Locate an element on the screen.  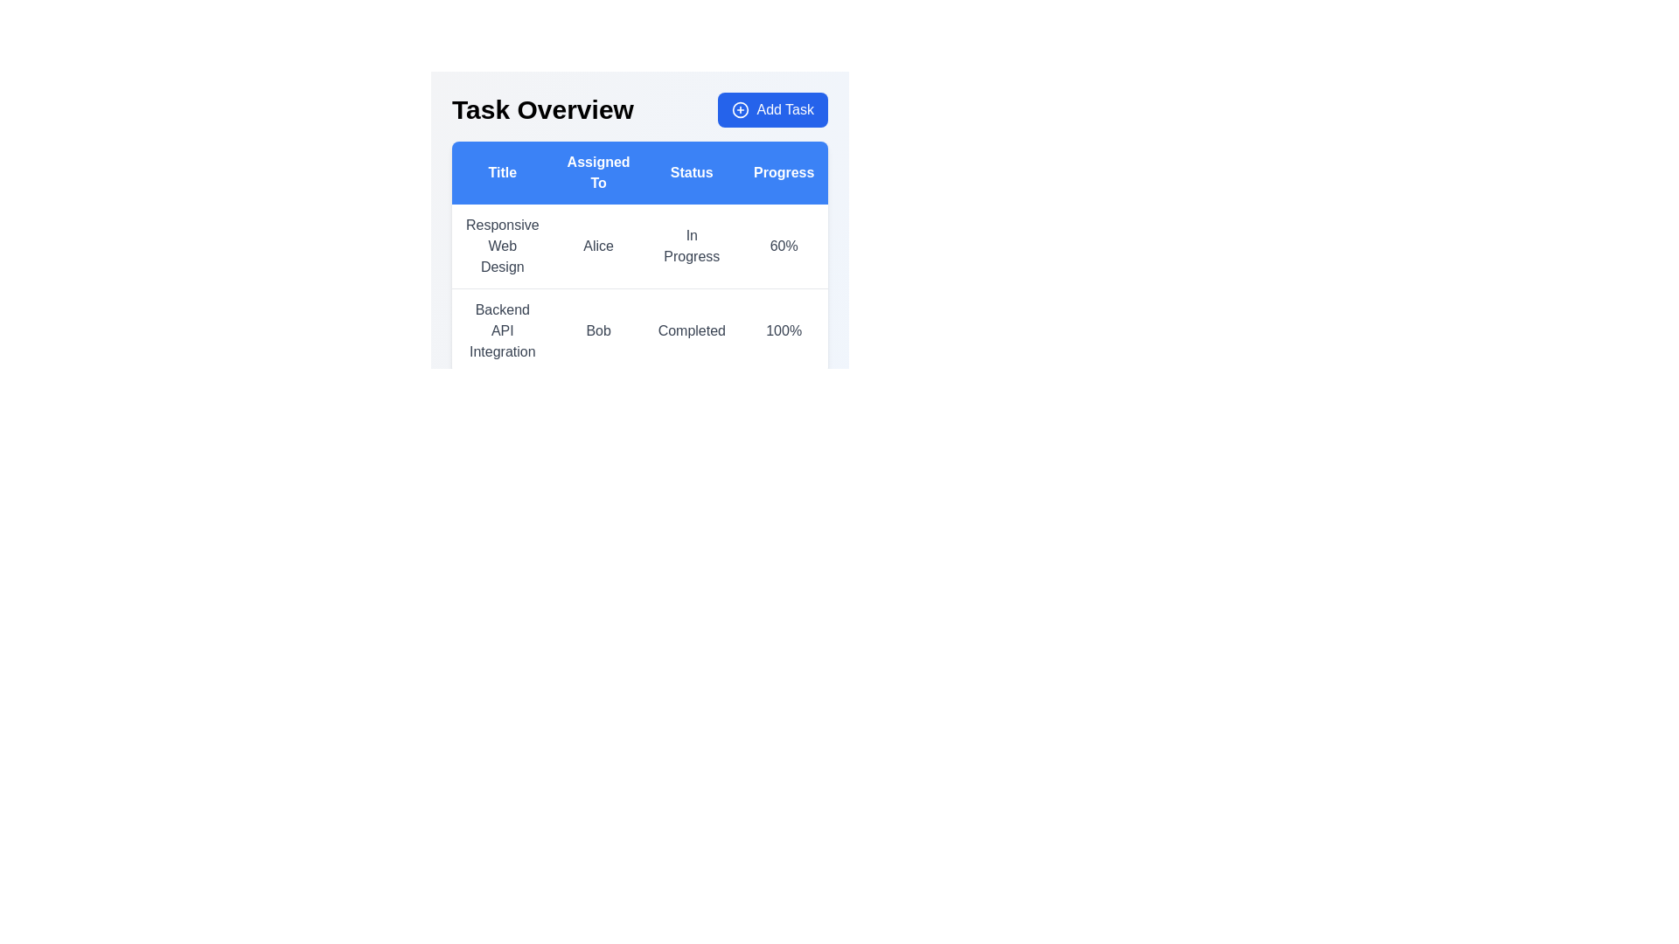
the graphical representation of the Vector circle, which is the central component of the SVG icon resembling a plus sign enclosed in a circle, located at the center coordinates provided is located at coordinates (741, 110).